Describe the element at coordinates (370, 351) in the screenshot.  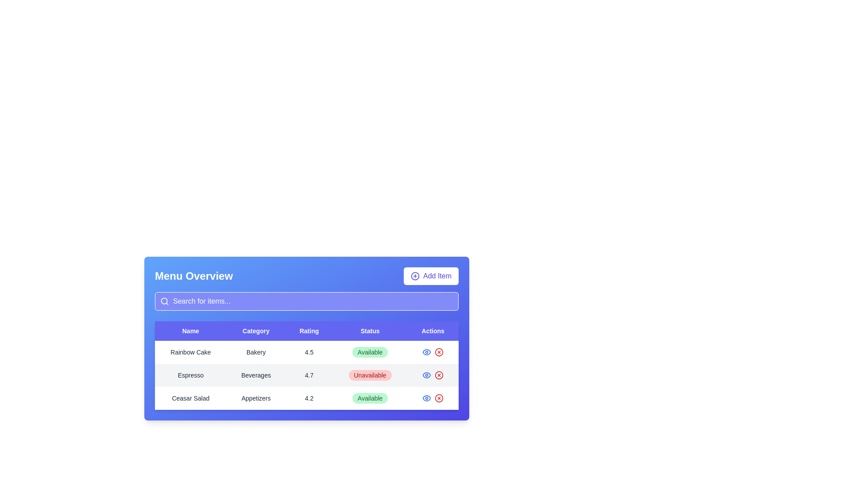
I see `the color of the status label indicating the availability of 'Rainbow Cake' in the 'Status' column of the table` at that location.